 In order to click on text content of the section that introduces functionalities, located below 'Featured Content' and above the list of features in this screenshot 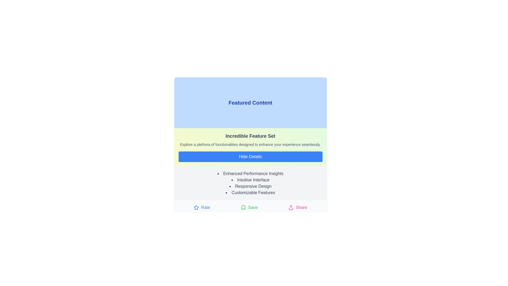, I will do `click(250, 147)`.